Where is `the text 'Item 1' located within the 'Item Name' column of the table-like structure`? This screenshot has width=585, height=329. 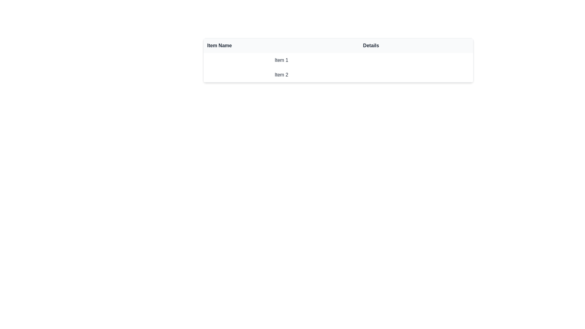 the text 'Item 1' located within the 'Item Name' column of the table-like structure is located at coordinates (281, 60).